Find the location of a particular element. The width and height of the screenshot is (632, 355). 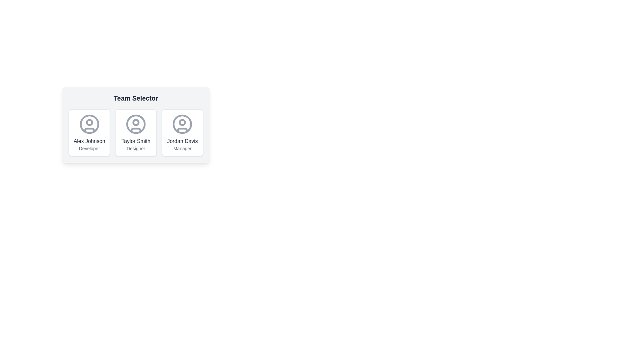

the graphical icon representing the selected user profile in the team selector interface, located in the middle user profile card is located at coordinates (135, 124).